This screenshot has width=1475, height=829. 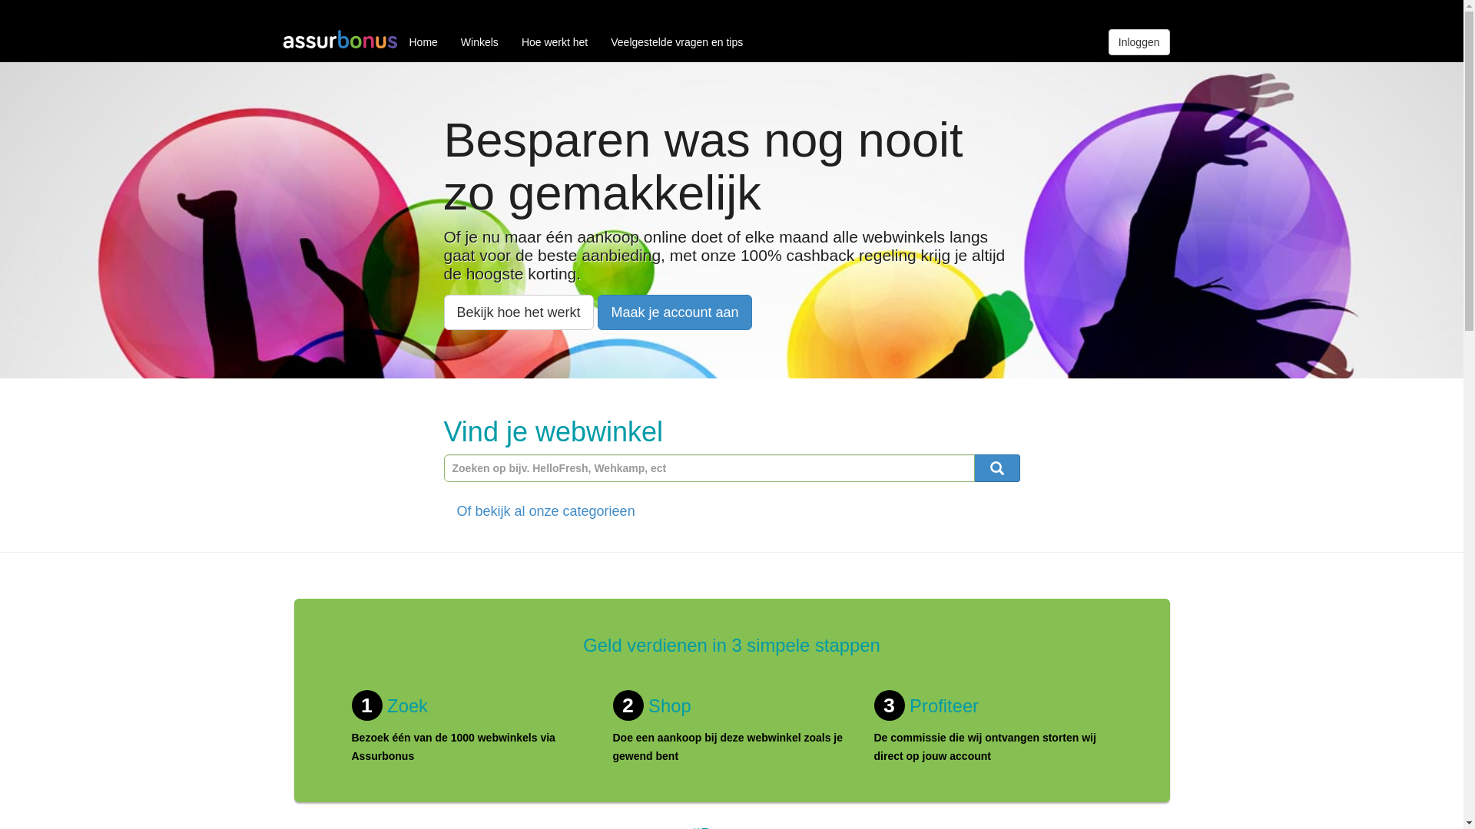 What do you see at coordinates (398, 41) in the screenshot?
I see `'Home'` at bounding box center [398, 41].